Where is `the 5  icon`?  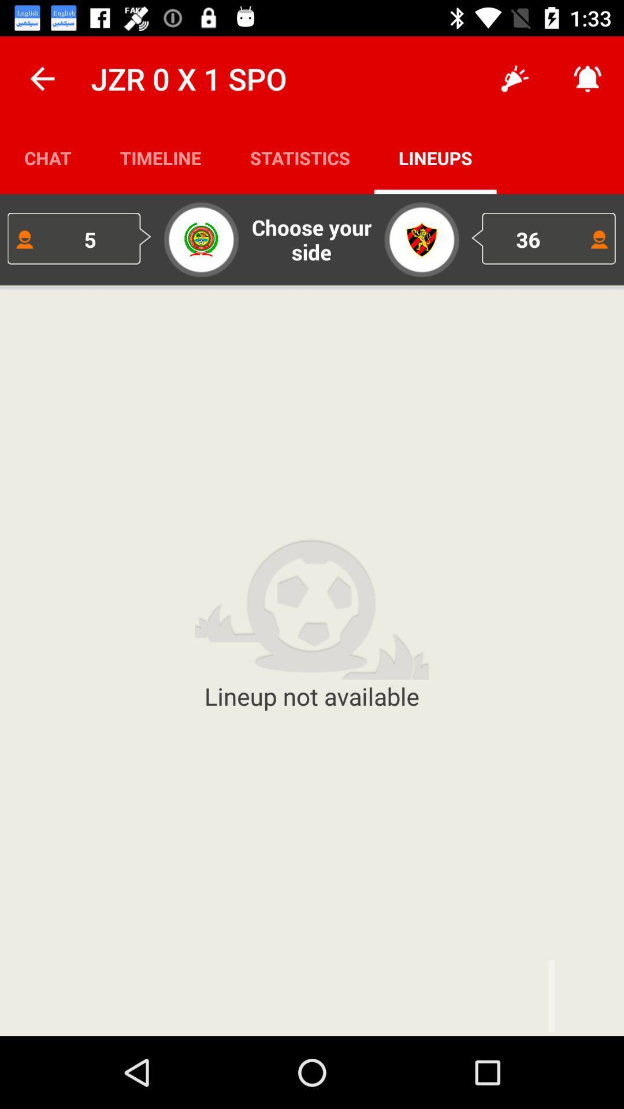
the 5  icon is located at coordinates (79, 239).